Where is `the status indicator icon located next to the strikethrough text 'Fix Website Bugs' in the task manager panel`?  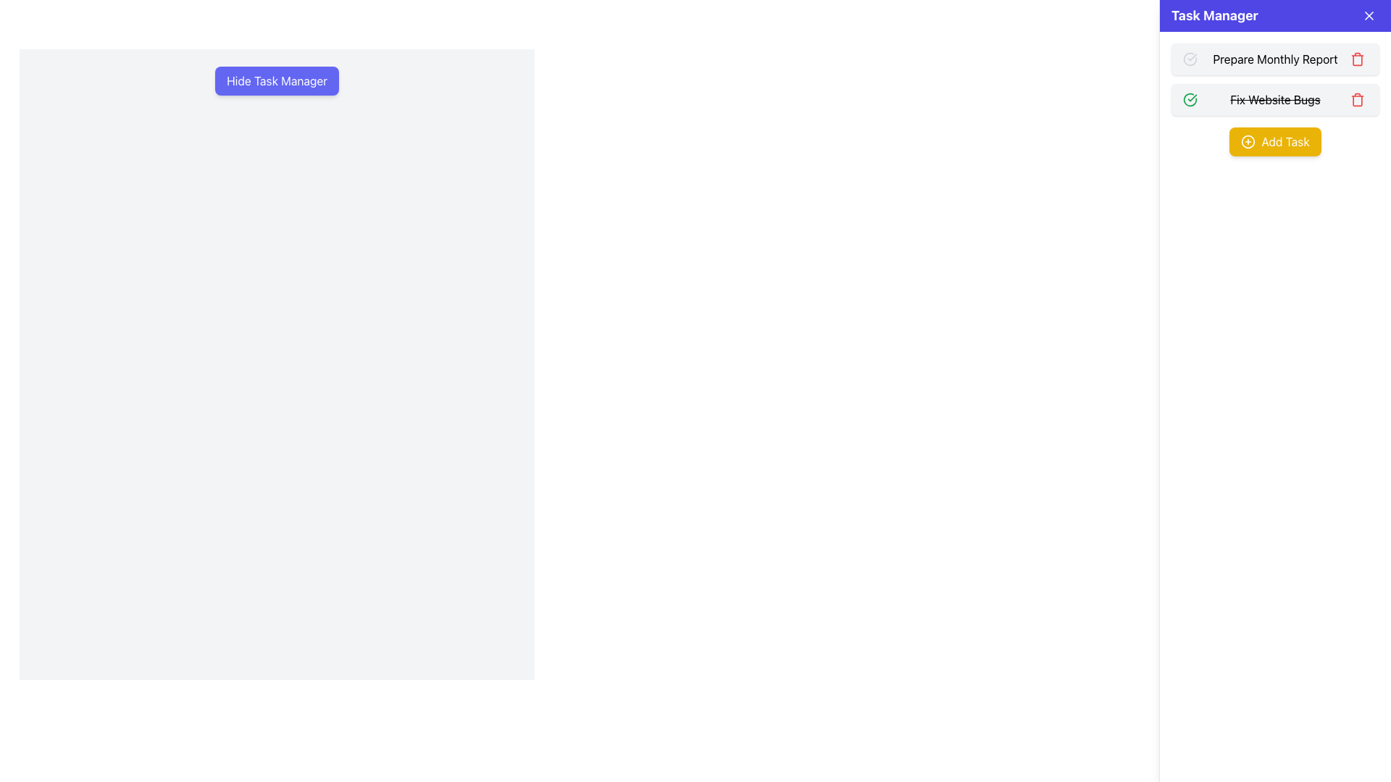 the status indicator icon located next to the strikethrough text 'Fix Website Bugs' in the task manager panel is located at coordinates (1190, 58).